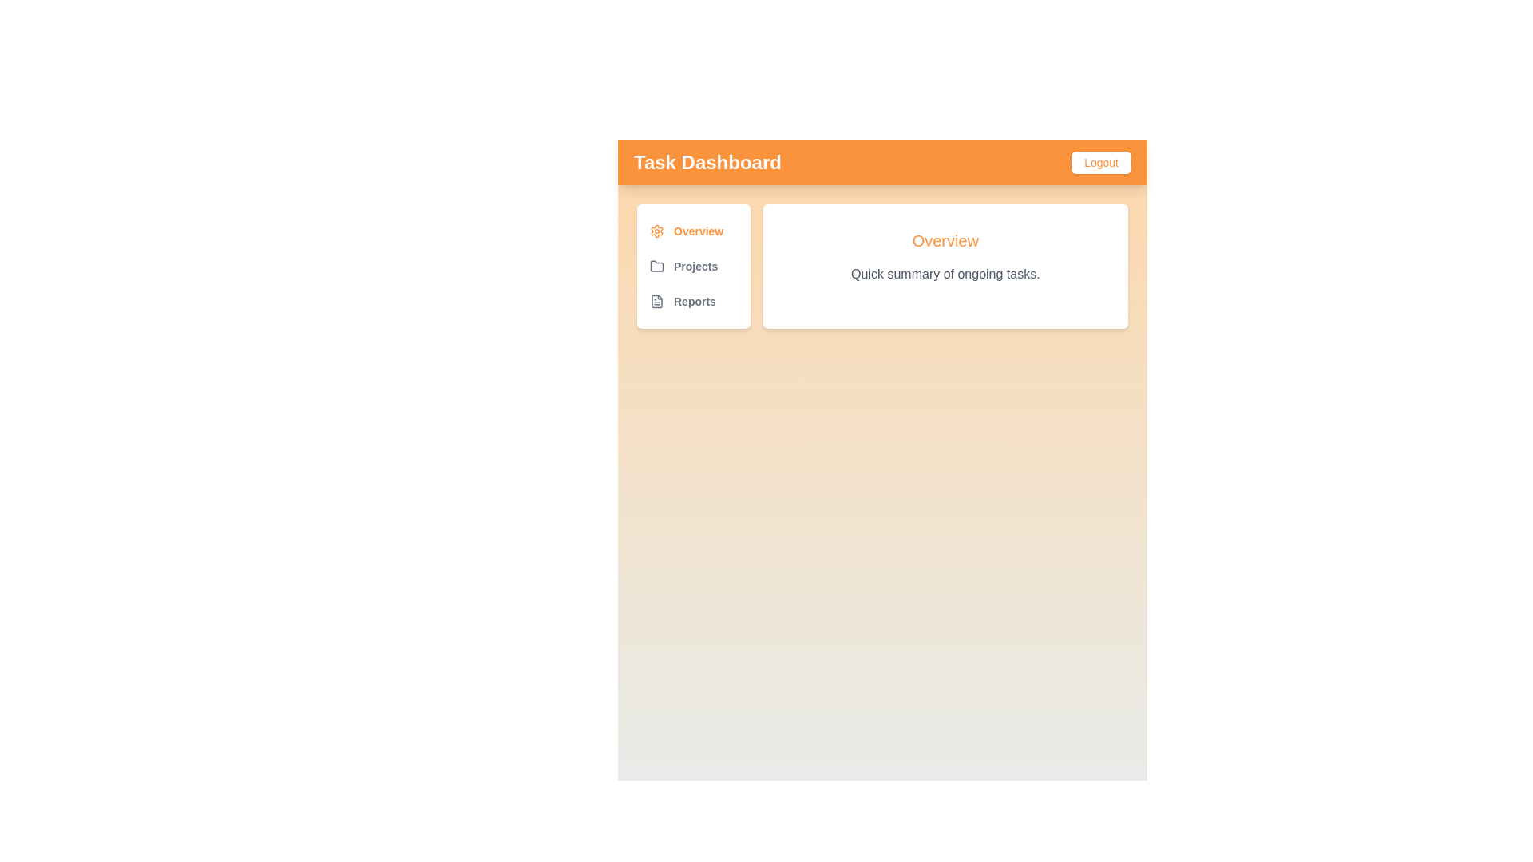  I want to click on the 'Projects' icon in the sidebar navigation, which is visually representative of the 'Projects' section, so click(656, 266).